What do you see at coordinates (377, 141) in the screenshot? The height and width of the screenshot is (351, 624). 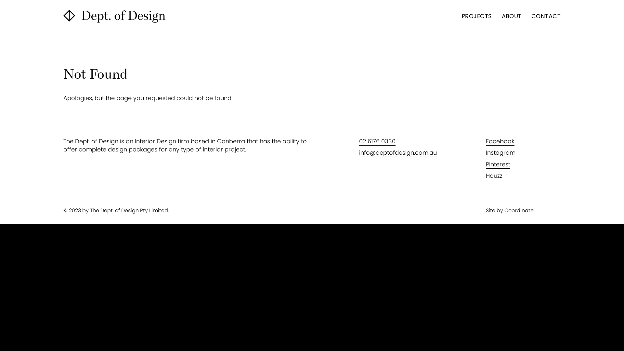 I see `'02 6176 0330'` at bounding box center [377, 141].